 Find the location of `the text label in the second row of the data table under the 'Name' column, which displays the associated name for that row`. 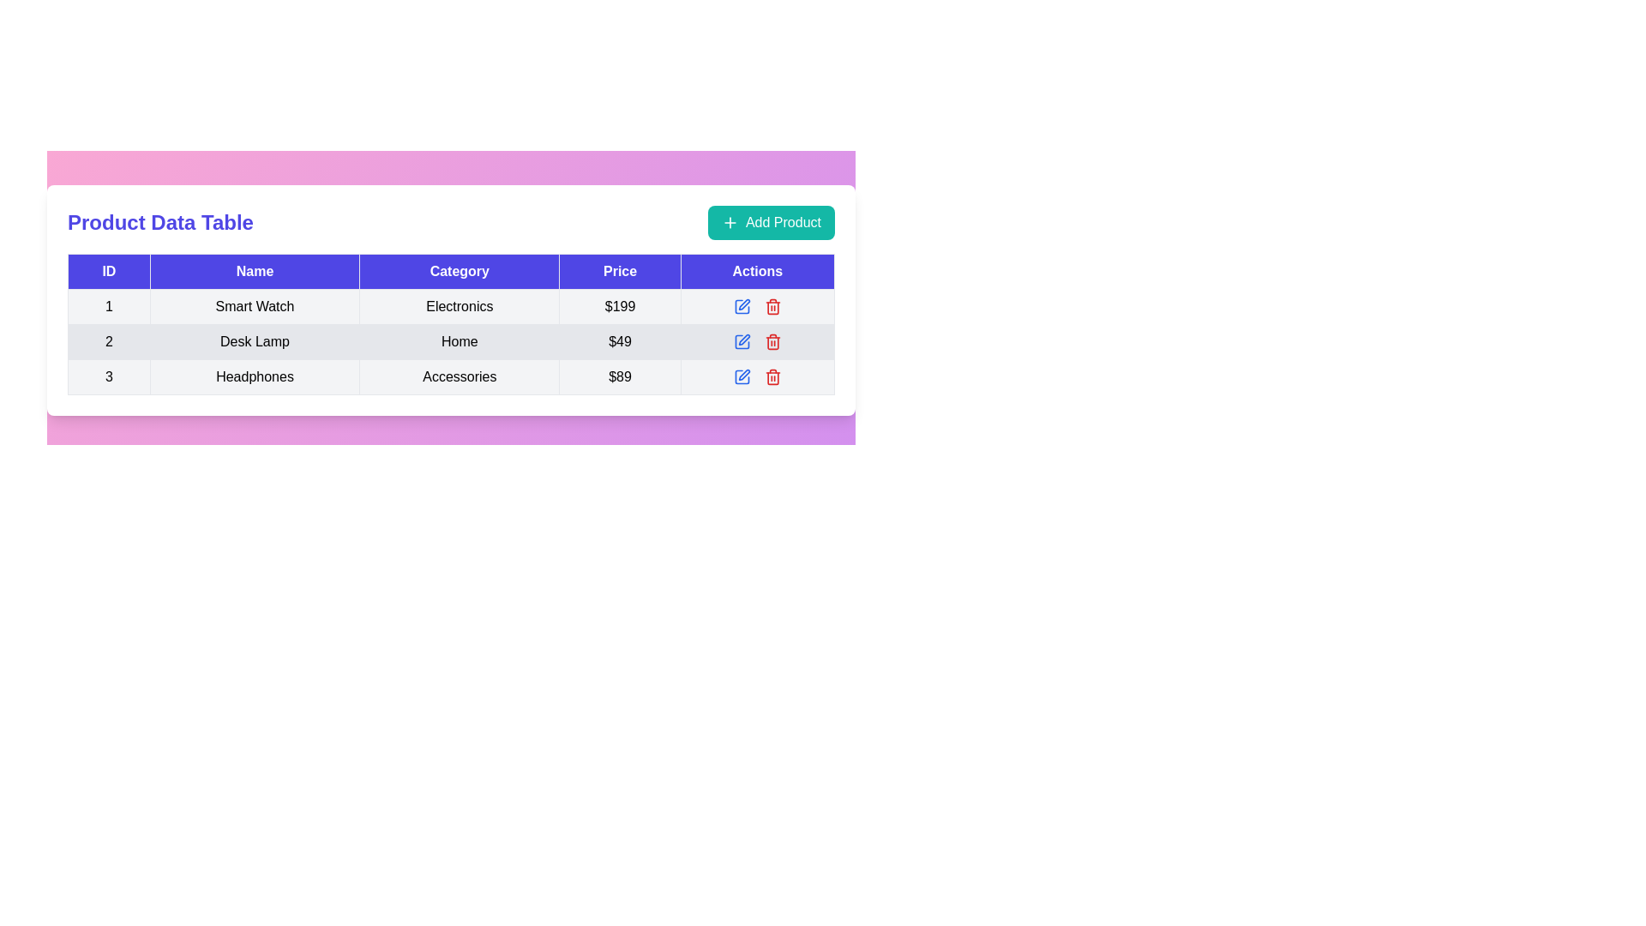

the text label in the second row of the data table under the 'Name' column, which displays the associated name for that row is located at coordinates (254, 341).